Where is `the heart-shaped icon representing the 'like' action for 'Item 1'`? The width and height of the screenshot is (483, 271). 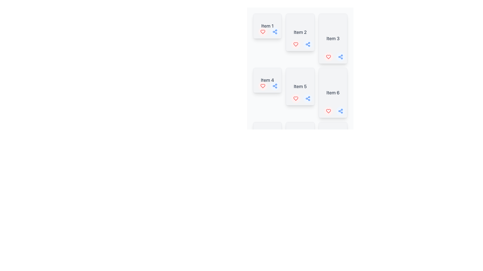 the heart-shaped icon representing the 'like' action for 'Item 1' is located at coordinates (263, 32).